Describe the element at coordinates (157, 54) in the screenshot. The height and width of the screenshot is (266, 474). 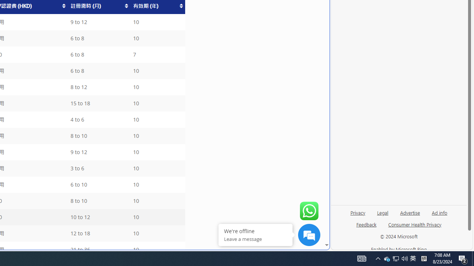
I see `'7'` at that location.